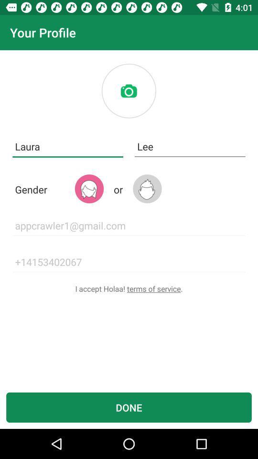 This screenshot has height=459, width=258. I want to click on the lee at the top right corner, so click(190, 147).